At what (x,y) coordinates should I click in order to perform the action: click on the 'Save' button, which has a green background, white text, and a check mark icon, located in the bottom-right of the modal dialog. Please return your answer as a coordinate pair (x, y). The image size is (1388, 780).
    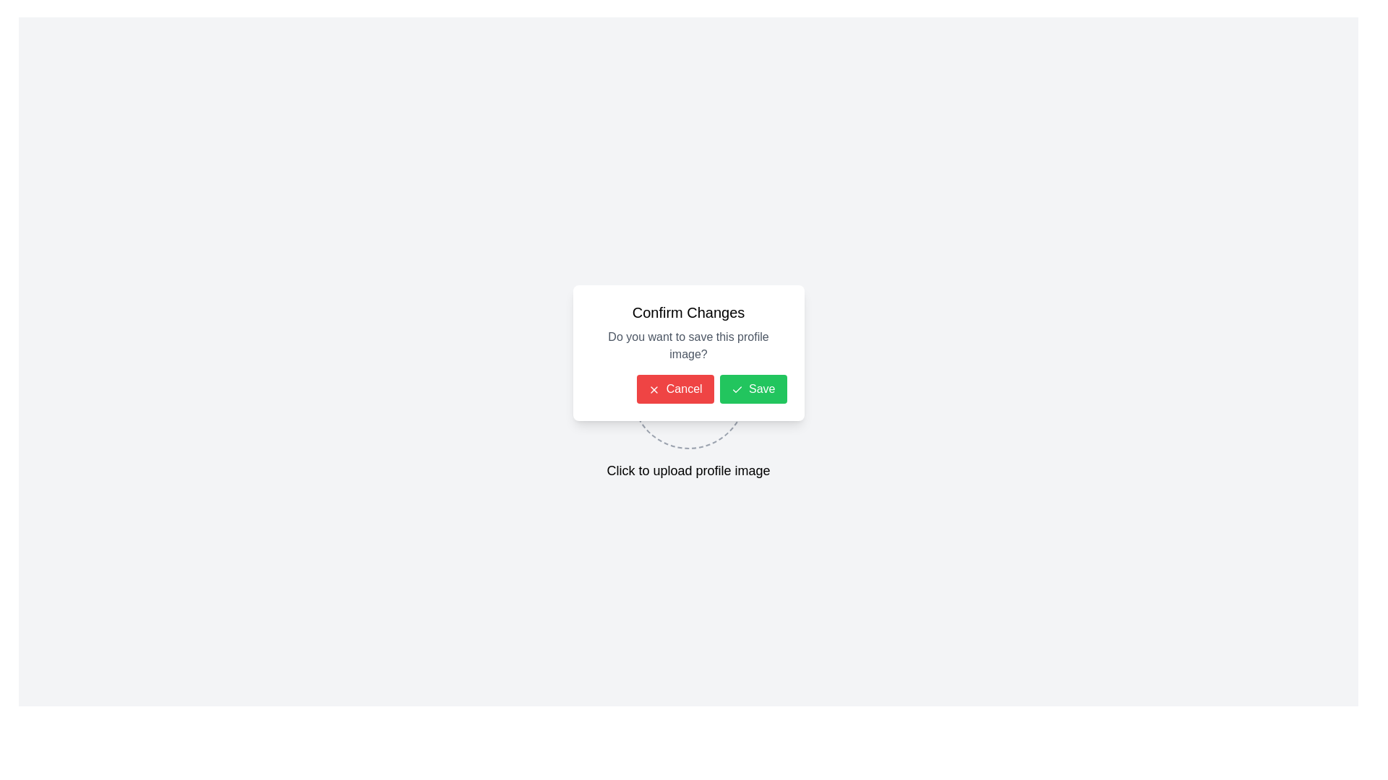
    Looking at the image, I should click on (752, 389).